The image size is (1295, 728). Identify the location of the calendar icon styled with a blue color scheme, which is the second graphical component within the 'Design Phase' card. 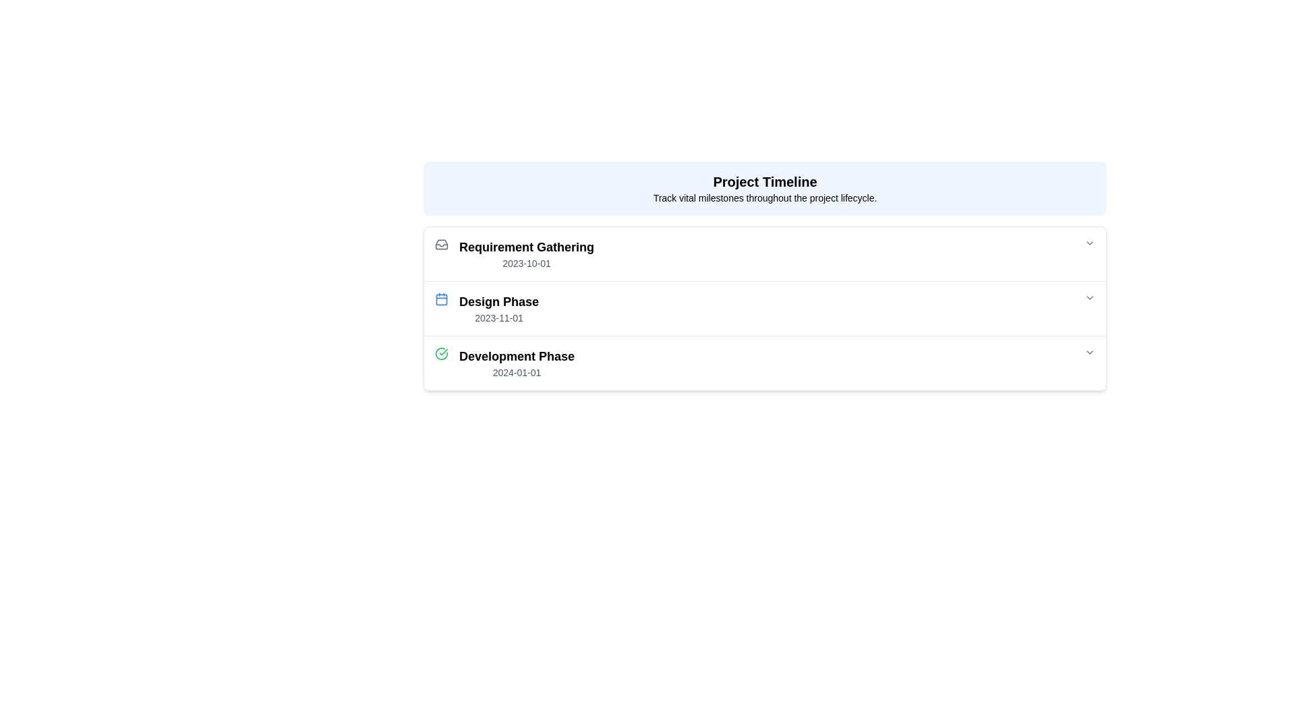
(441, 298).